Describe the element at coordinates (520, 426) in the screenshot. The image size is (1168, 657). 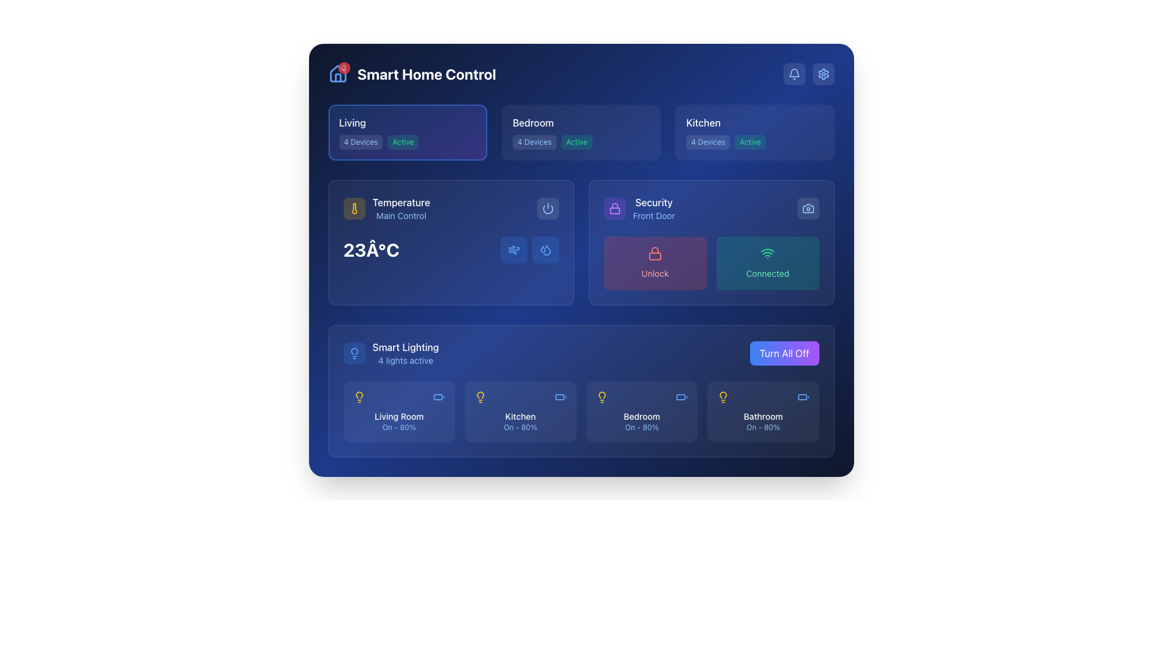
I see `the status and intensity text label indicating 'On' and '80%' for the 'Kitchen' lighting, located at the bottom of the 'Kitchen' card in the 'Smart Lighting' section` at that location.